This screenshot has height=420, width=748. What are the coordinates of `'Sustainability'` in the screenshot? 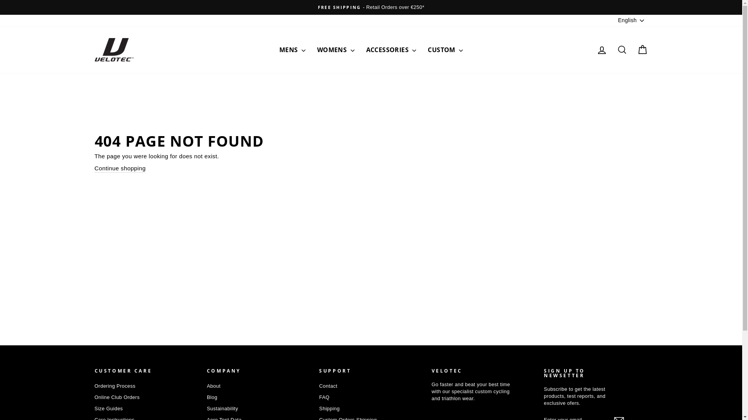 It's located at (222, 408).